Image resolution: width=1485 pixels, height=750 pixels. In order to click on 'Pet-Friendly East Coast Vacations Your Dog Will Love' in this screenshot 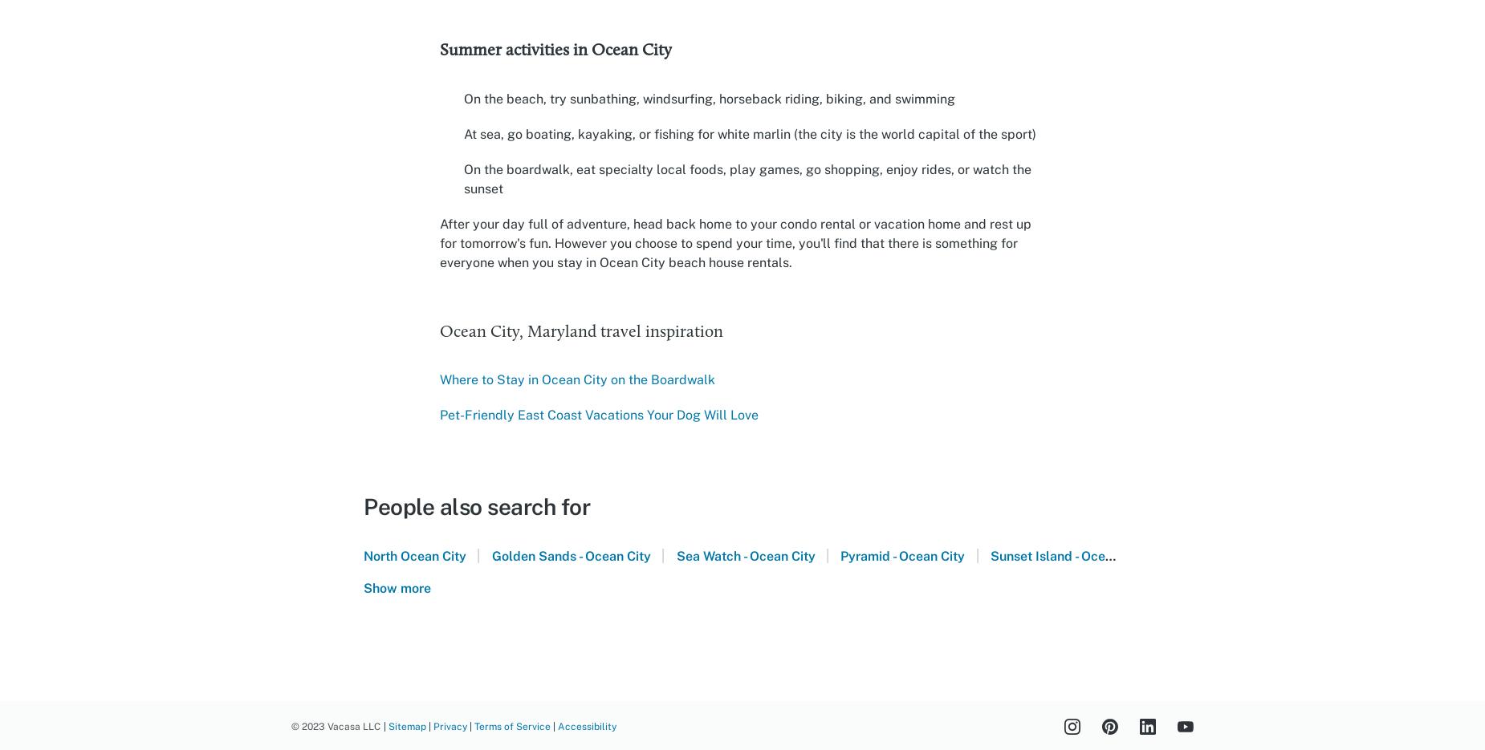, I will do `click(599, 414)`.